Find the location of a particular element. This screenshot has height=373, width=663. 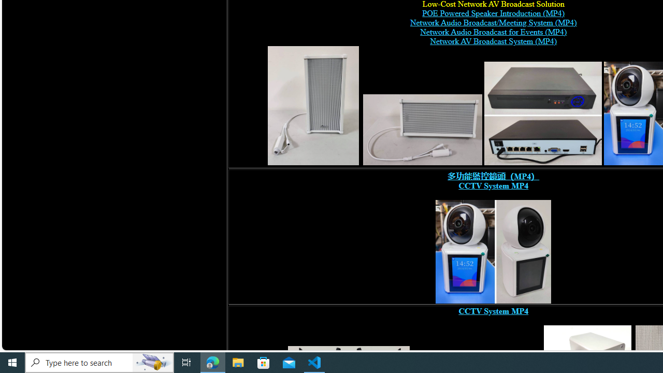

'POE Powered Speaker Introduction (MP4)' is located at coordinates (493, 13).